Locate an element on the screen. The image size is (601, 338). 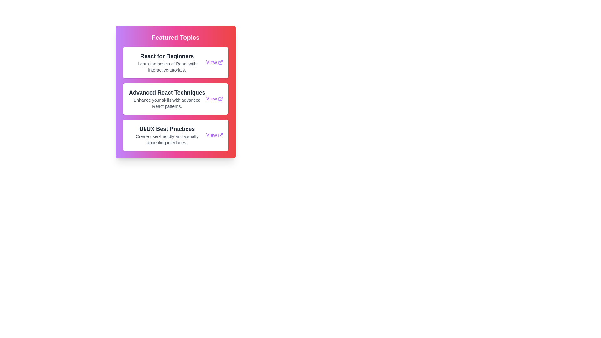
text label titled 'Advanced React Techniques' located in the second card from the top under the 'Featured Topics' section is located at coordinates (167, 93).